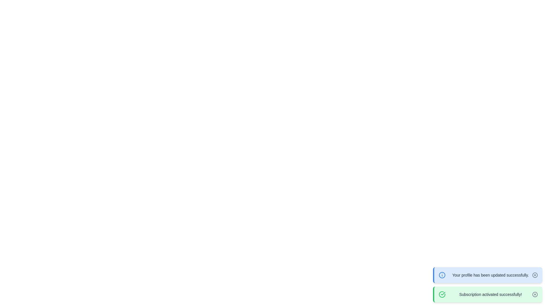  Describe the element at coordinates (534, 294) in the screenshot. I see `the close button icon located at the right end of the green notification box that displays 'Subscription activated successfully!' to change its appearance` at that location.